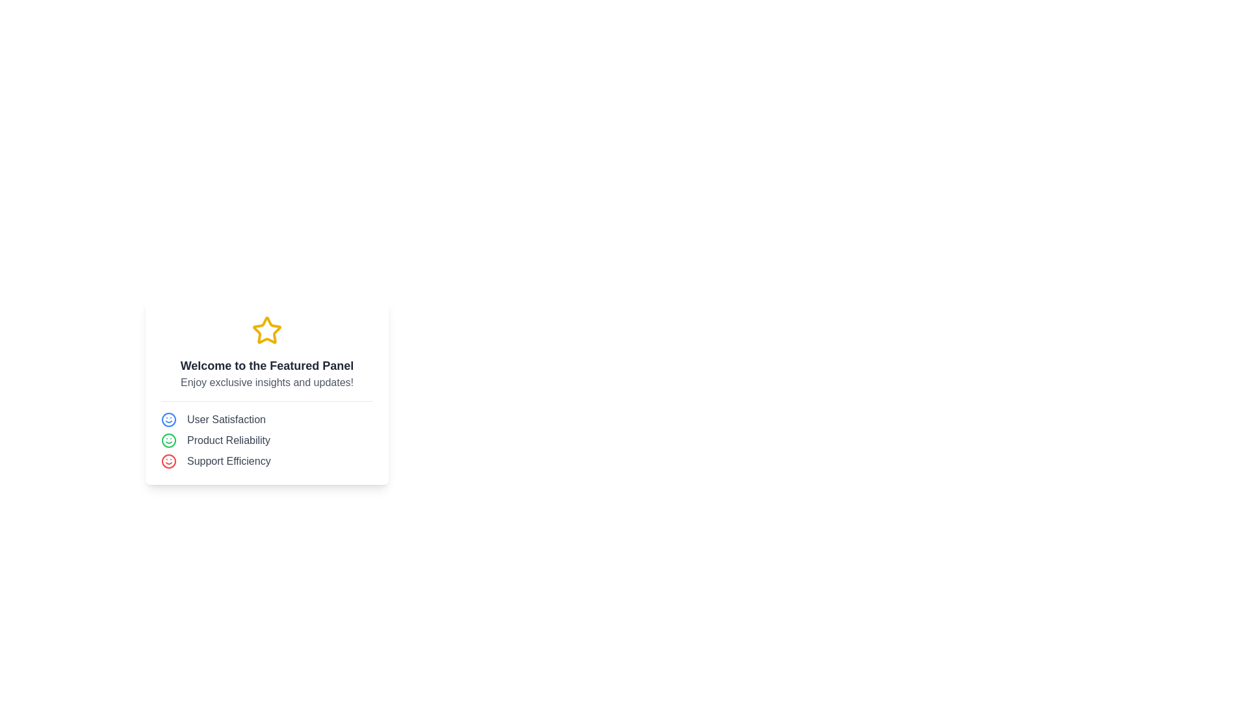 This screenshot has height=702, width=1248. Describe the element at coordinates (226, 419) in the screenshot. I see `the 'User Satisfaction' text label, which is styled in dark gray on a light background, positioned below the 'Welcome to the Featured Panel' section and to the right of a blue smiley icon` at that location.